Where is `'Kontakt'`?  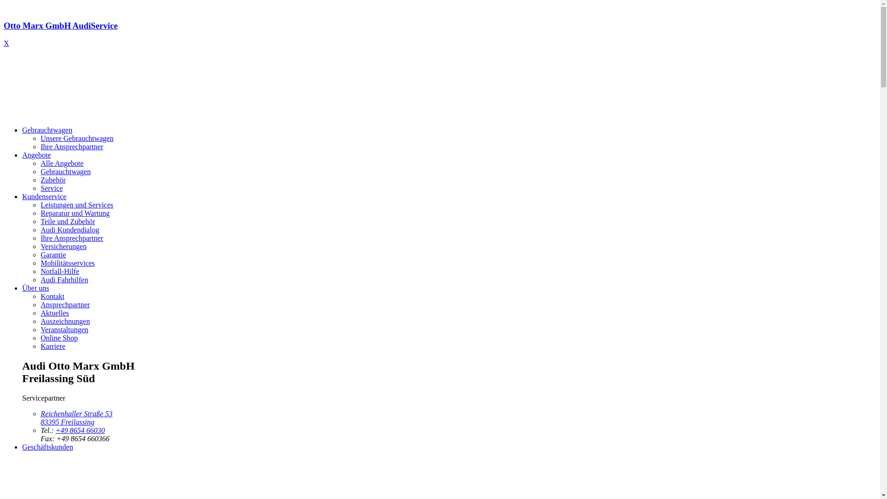
'Kontakt' is located at coordinates (40, 296).